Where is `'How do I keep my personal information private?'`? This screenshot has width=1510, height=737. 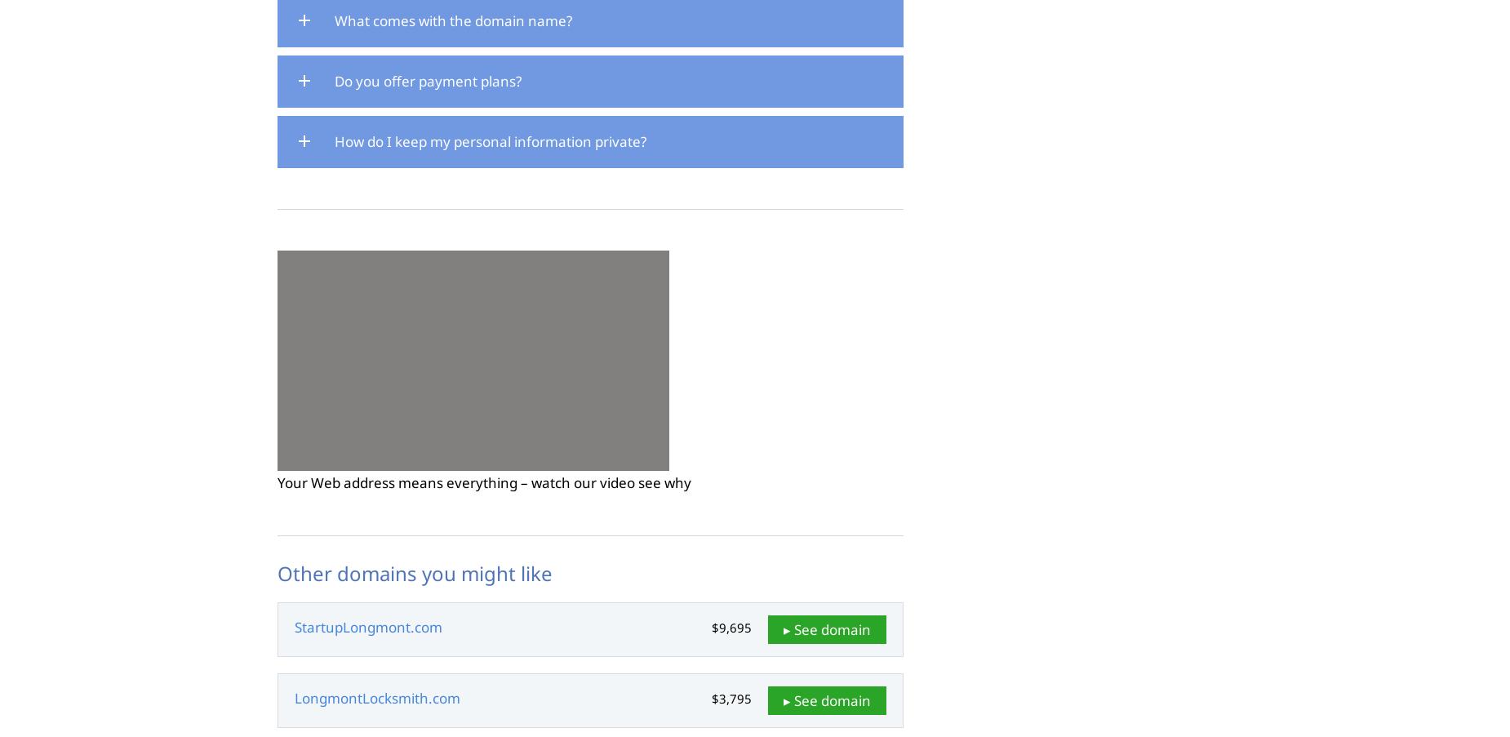 'How do I keep my personal information private?' is located at coordinates (491, 140).